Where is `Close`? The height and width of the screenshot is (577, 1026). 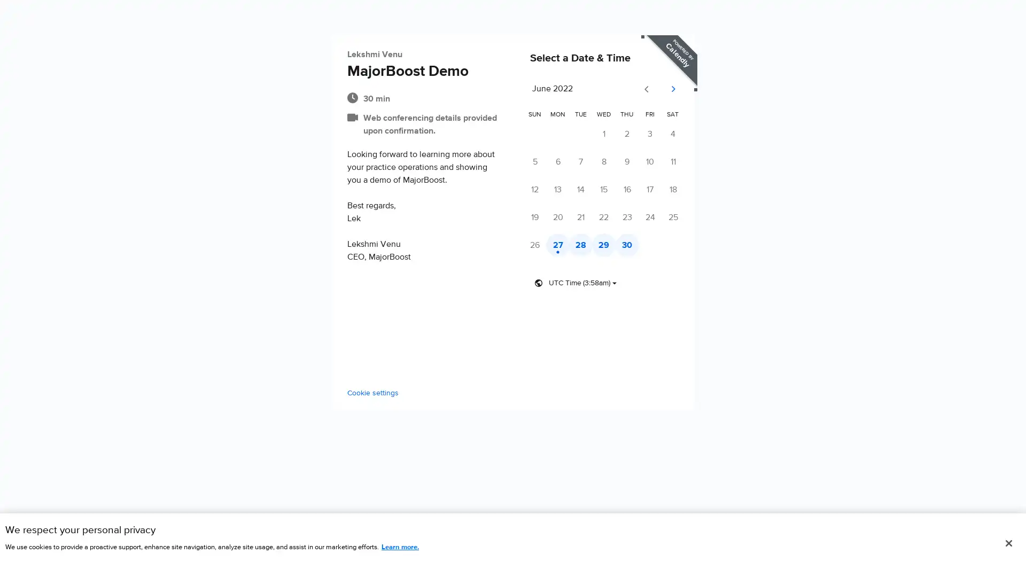
Close is located at coordinates (1008, 543).